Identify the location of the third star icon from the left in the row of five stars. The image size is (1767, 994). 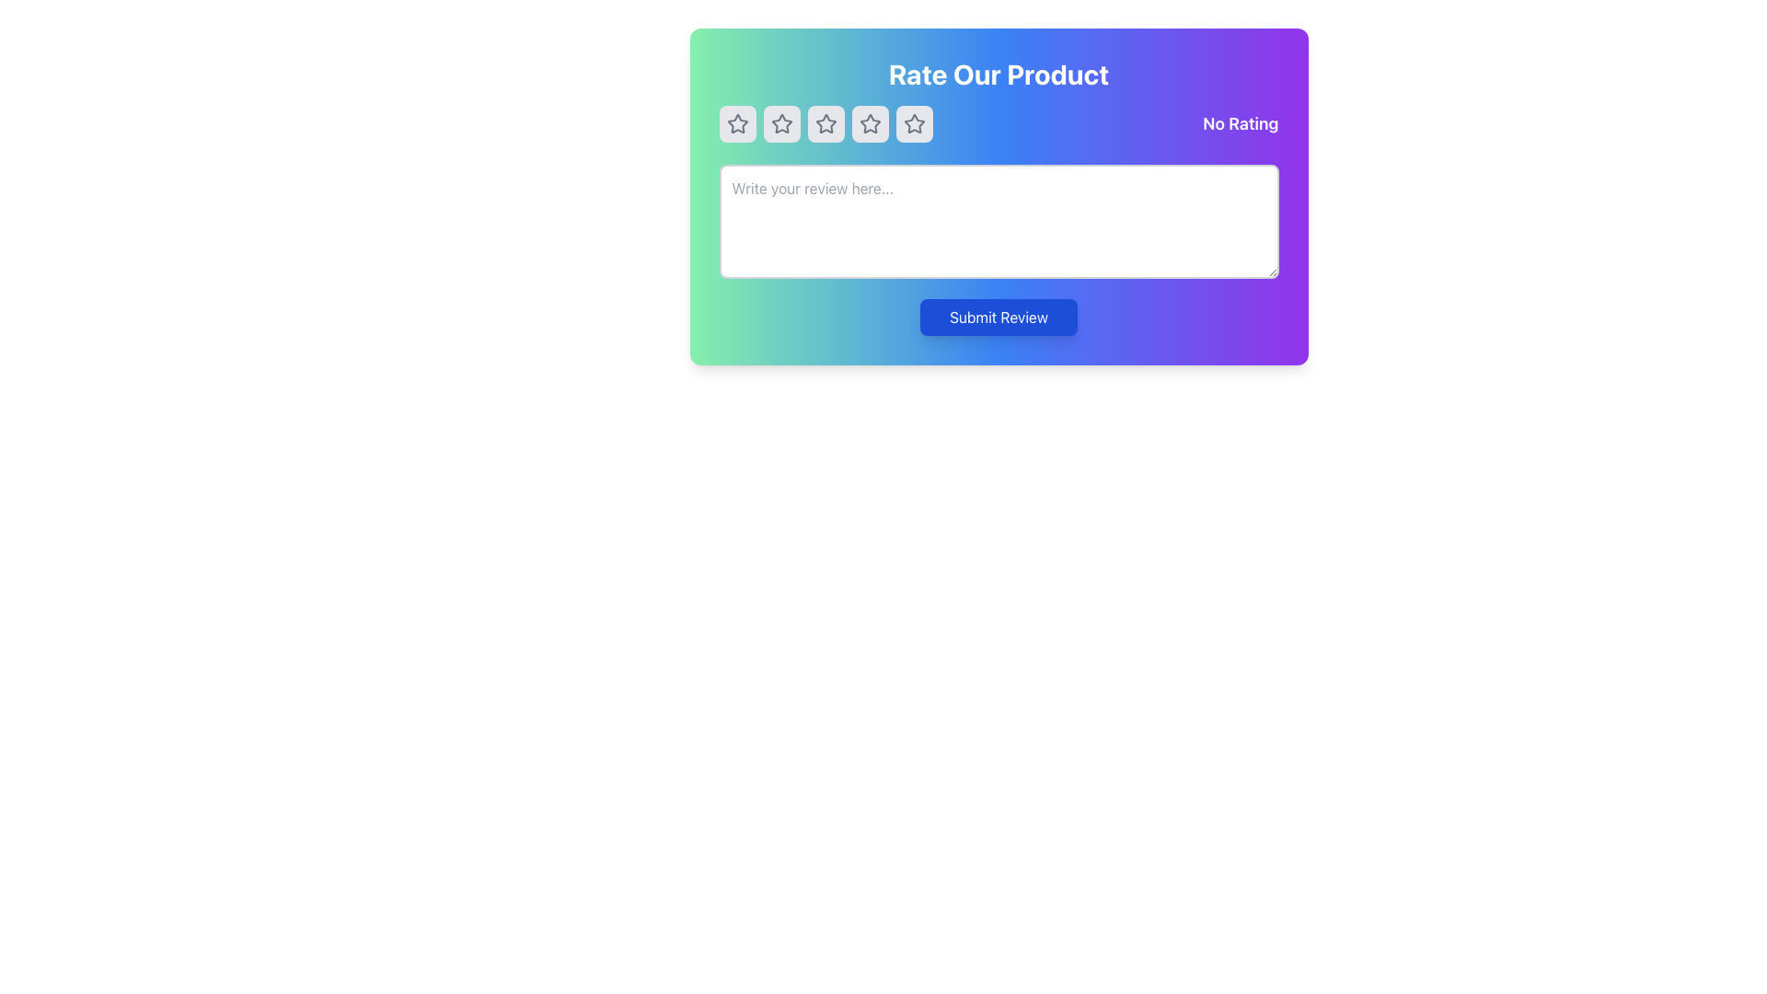
(869, 123).